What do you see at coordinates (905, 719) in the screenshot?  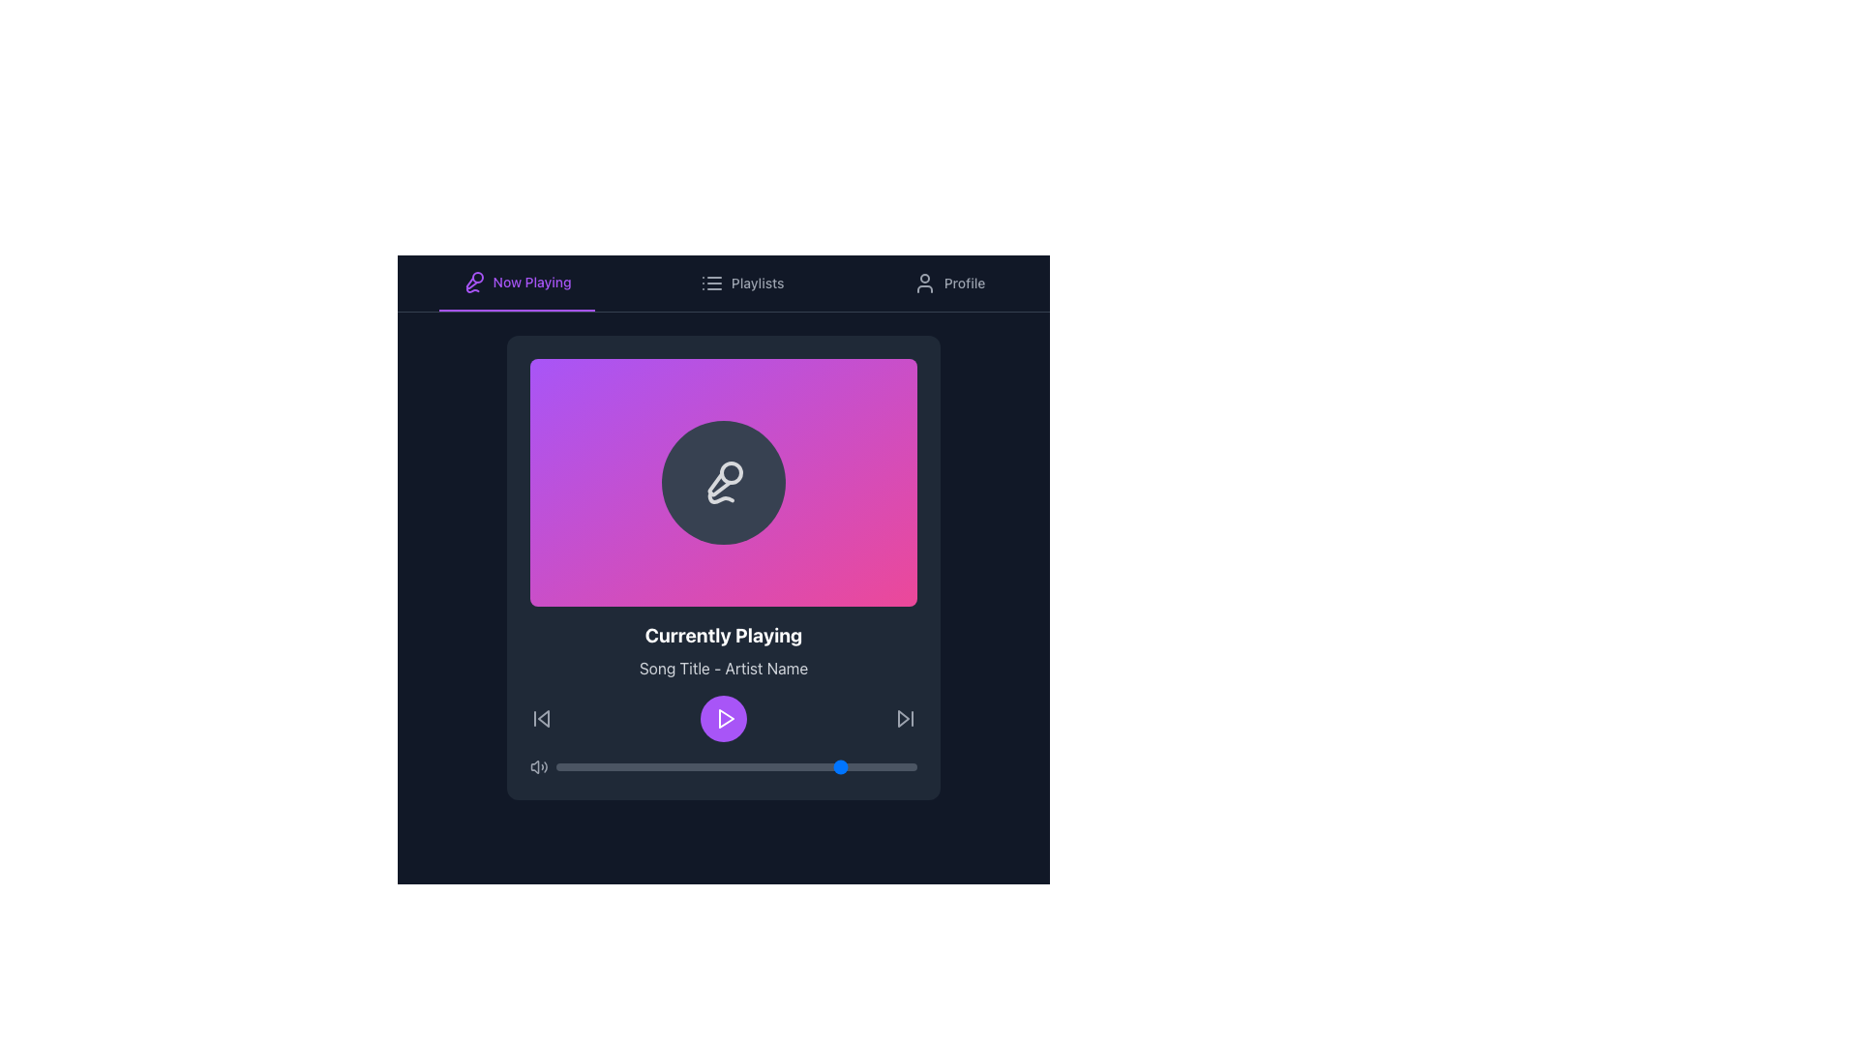 I see `the forward-skip button, which is a gray icon with a rightward-facing triangle and vertical line, located at the bottom-right corner of the 'Currently Playing' card` at bounding box center [905, 719].